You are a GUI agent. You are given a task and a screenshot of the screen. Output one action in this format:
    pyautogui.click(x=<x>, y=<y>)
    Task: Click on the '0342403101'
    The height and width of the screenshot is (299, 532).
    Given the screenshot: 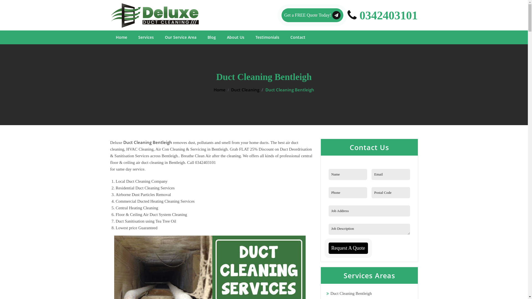 What is the action you would take?
    pyautogui.click(x=382, y=15)
    